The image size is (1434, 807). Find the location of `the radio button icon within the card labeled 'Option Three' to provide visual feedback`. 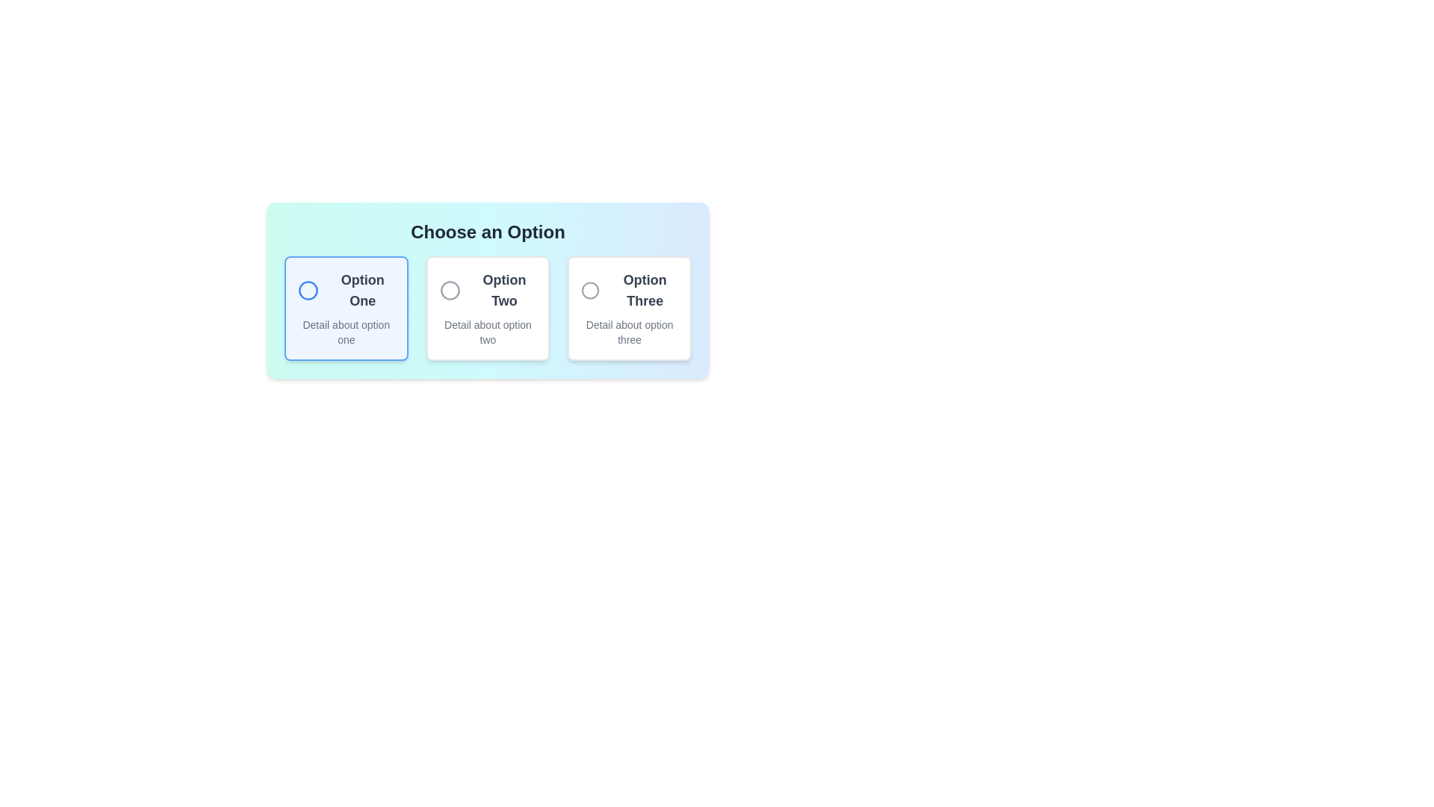

the radio button icon within the card labeled 'Option Three' to provide visual feedback is located at coordinates (590, 291).